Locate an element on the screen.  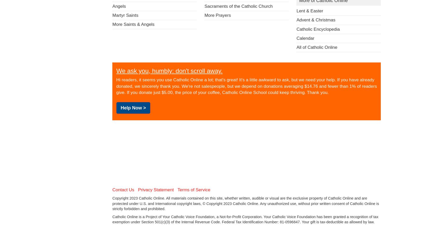
'Privacy Statement' is located at coordinates (156, 189).